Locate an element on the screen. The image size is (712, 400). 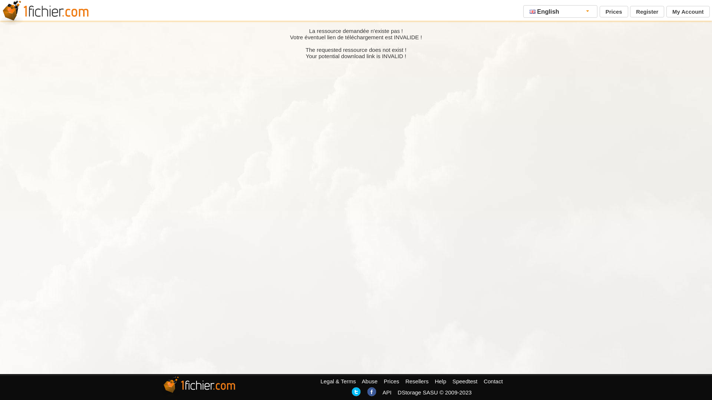
'Contact' is located at coordinates (493, 381).